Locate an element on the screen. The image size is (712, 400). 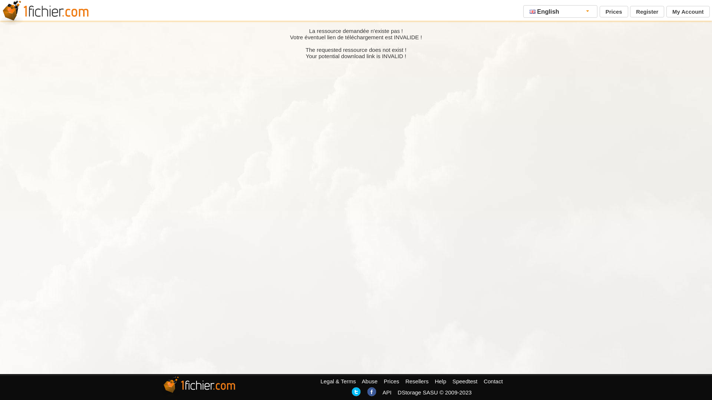
'Contact' is located at coordinates (493, 381).